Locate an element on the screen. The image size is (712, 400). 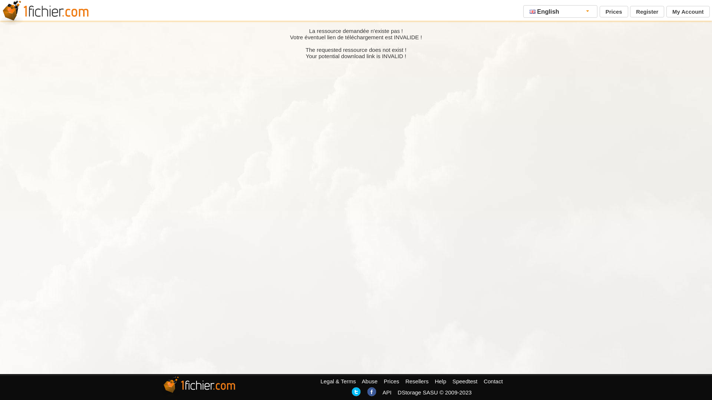
'Contact' is located at coordinates (493, 381).